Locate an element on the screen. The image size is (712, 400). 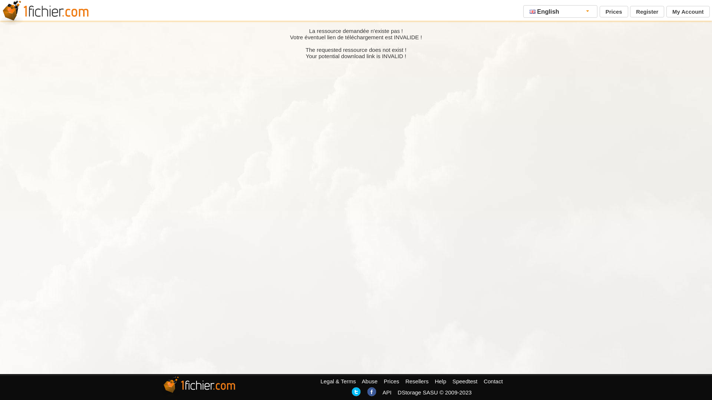
'Contact' is located at coordinates (493, 381).